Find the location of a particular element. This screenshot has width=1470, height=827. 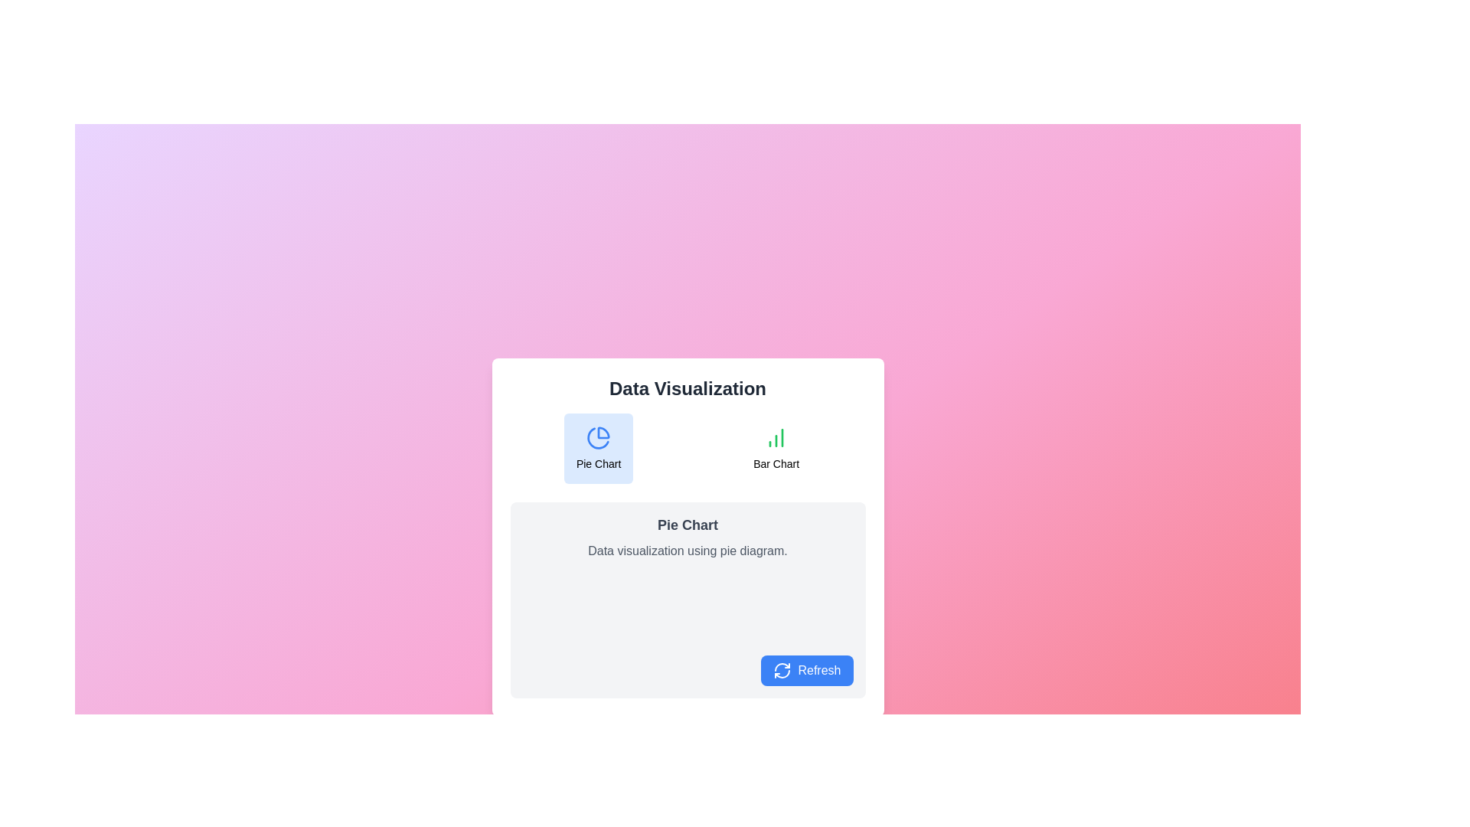

the descriptive text label located below the bar chart icon in the 'Data Visualization' card is located at coordinates (776, 463).